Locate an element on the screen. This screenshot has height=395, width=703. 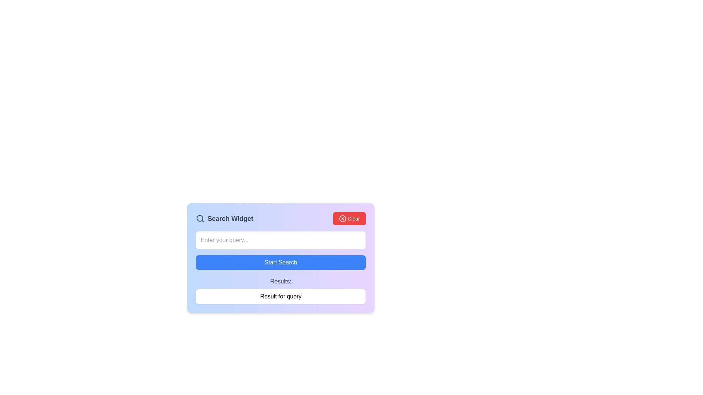
text displayed in the 'Search Widget' label, which is styled with bold, gray-colored text and positioned next to the 'Clear' button is located at coordinates (224, 218).